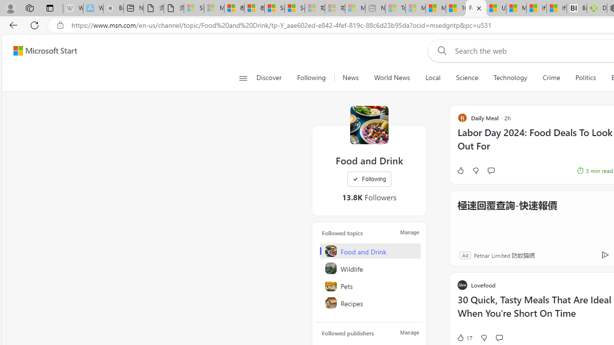 Image resolution: width=614 pixels, height=345 pixels. I want to click on 'Science', so click(467, 78).